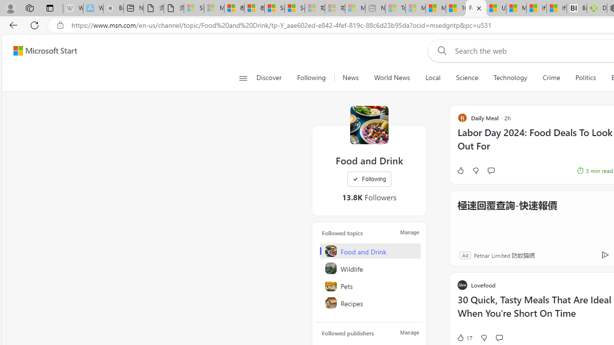 Image resolution: width=614 pixels, height=345 pixels. I want to click on 'Science', so click(467, 78).